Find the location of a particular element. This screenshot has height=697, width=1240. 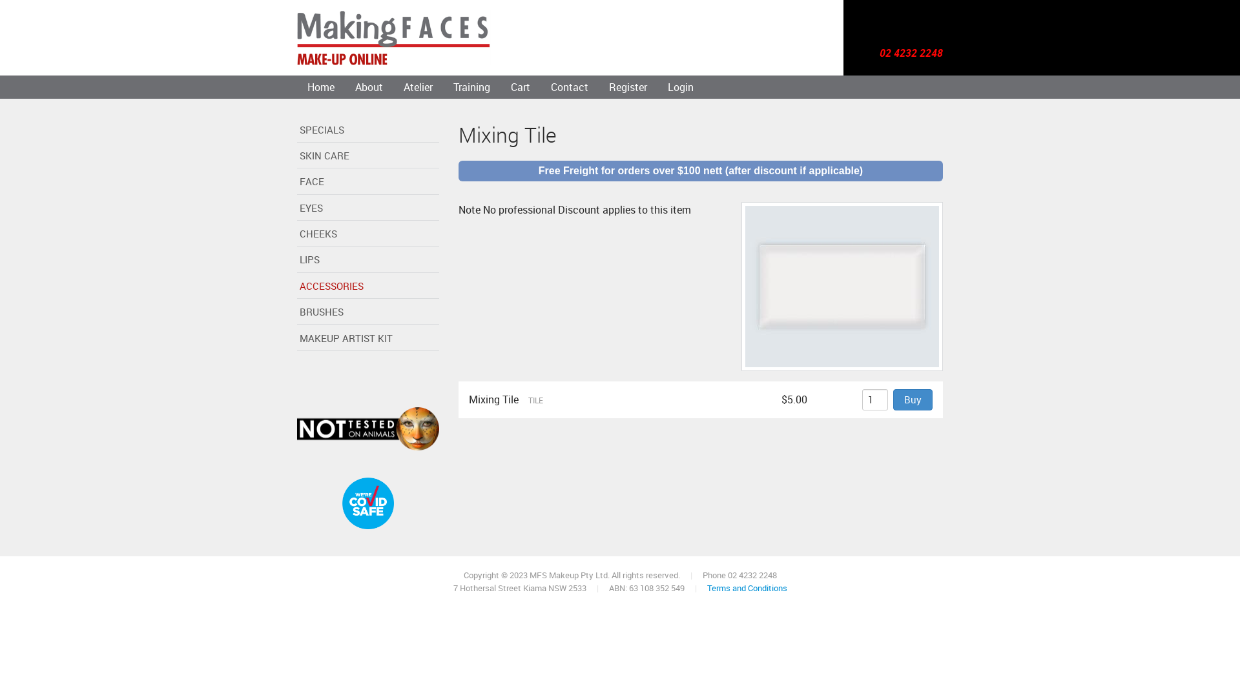

'Contact' is located at coordinates (569, 87).